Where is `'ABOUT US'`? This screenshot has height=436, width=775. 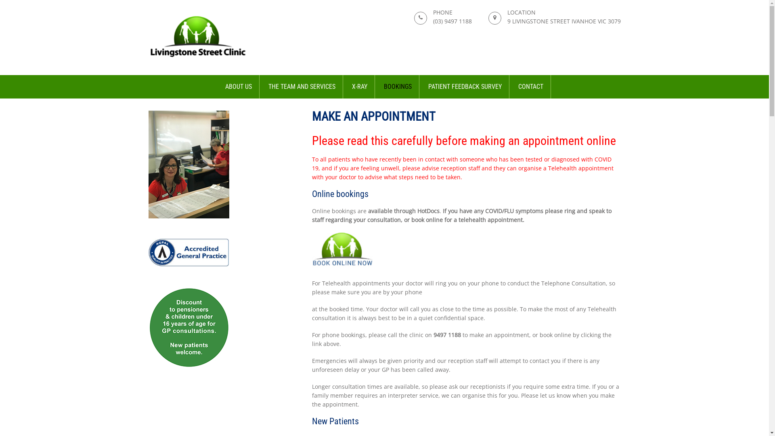 'ABOUT US' is located at coordinates (238, 87).